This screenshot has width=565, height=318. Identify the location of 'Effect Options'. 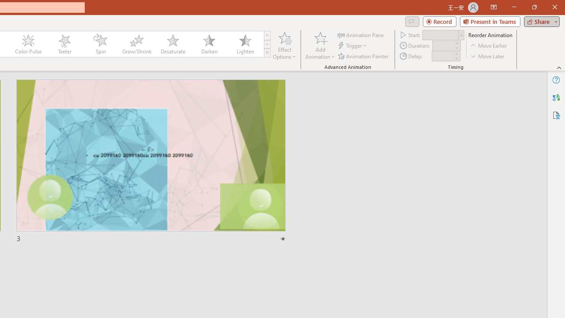
(285, 45).